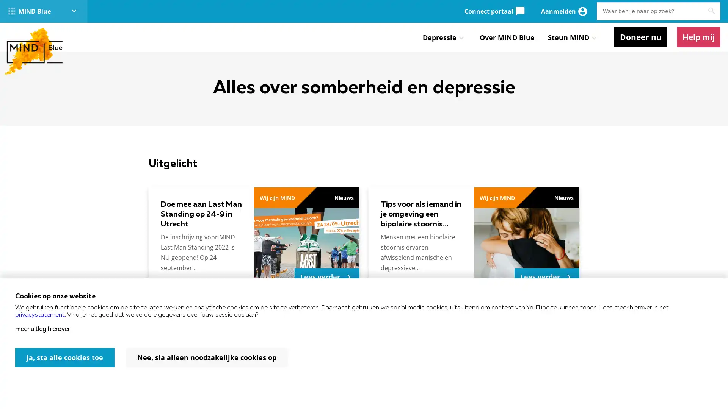 This screenshot has height=409, width=728. I want to click on Ja, sta alle cookies toe, so click(65, 357).